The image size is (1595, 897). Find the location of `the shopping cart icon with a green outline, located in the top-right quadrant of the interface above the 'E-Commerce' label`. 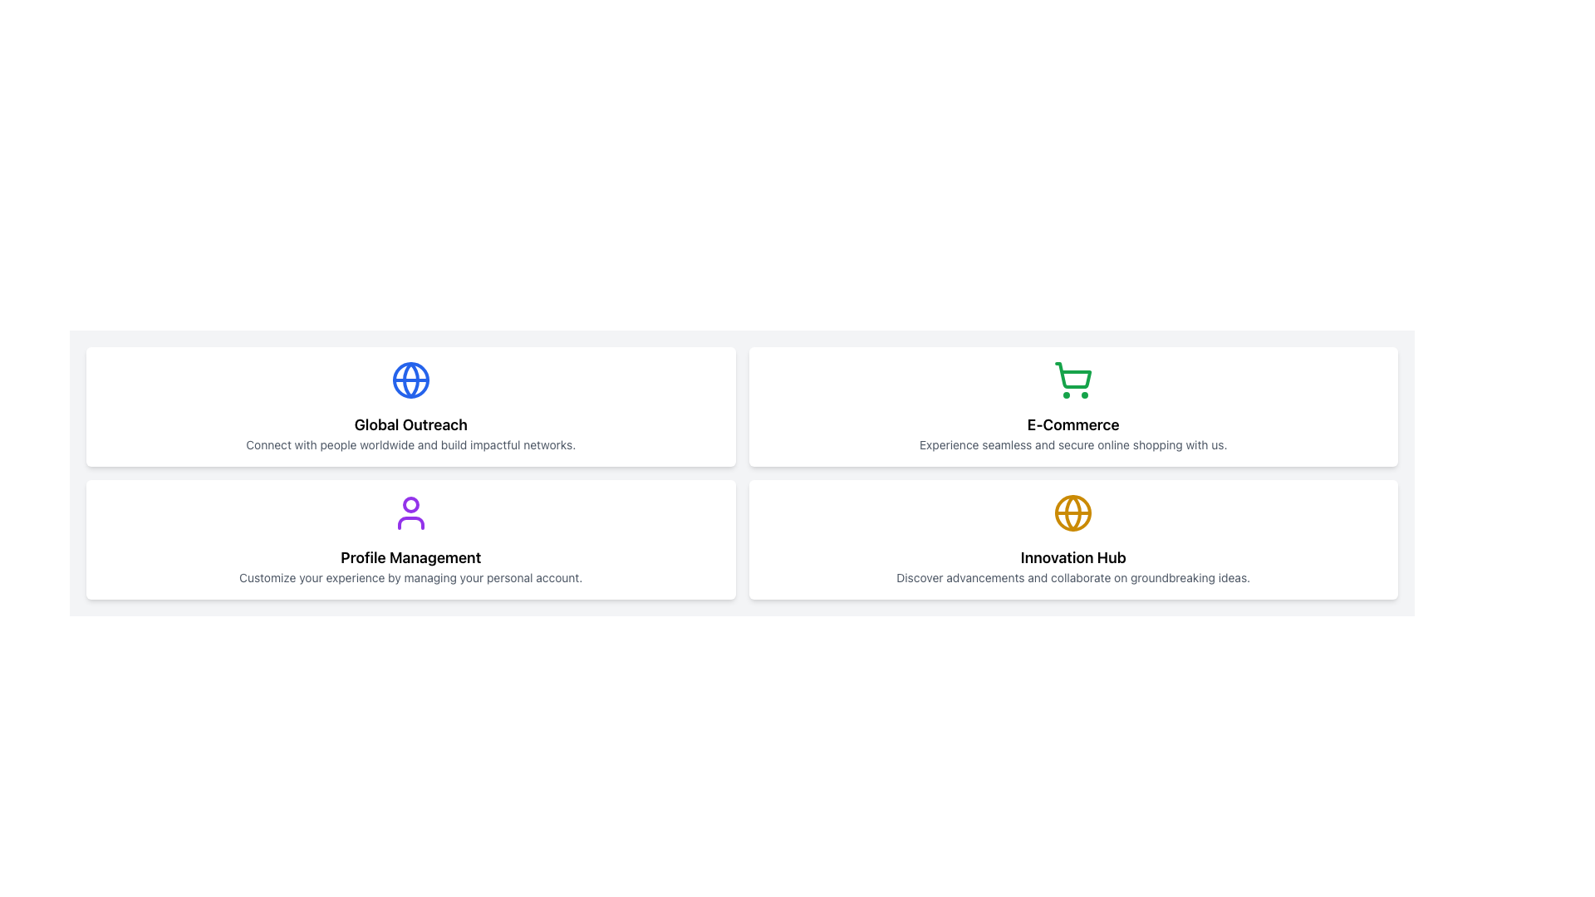

the shopping cart icon with a green outline, located in the top-right quadrant of the interface above the 'E-Commerce' label is located at coordinates (1073, 380).